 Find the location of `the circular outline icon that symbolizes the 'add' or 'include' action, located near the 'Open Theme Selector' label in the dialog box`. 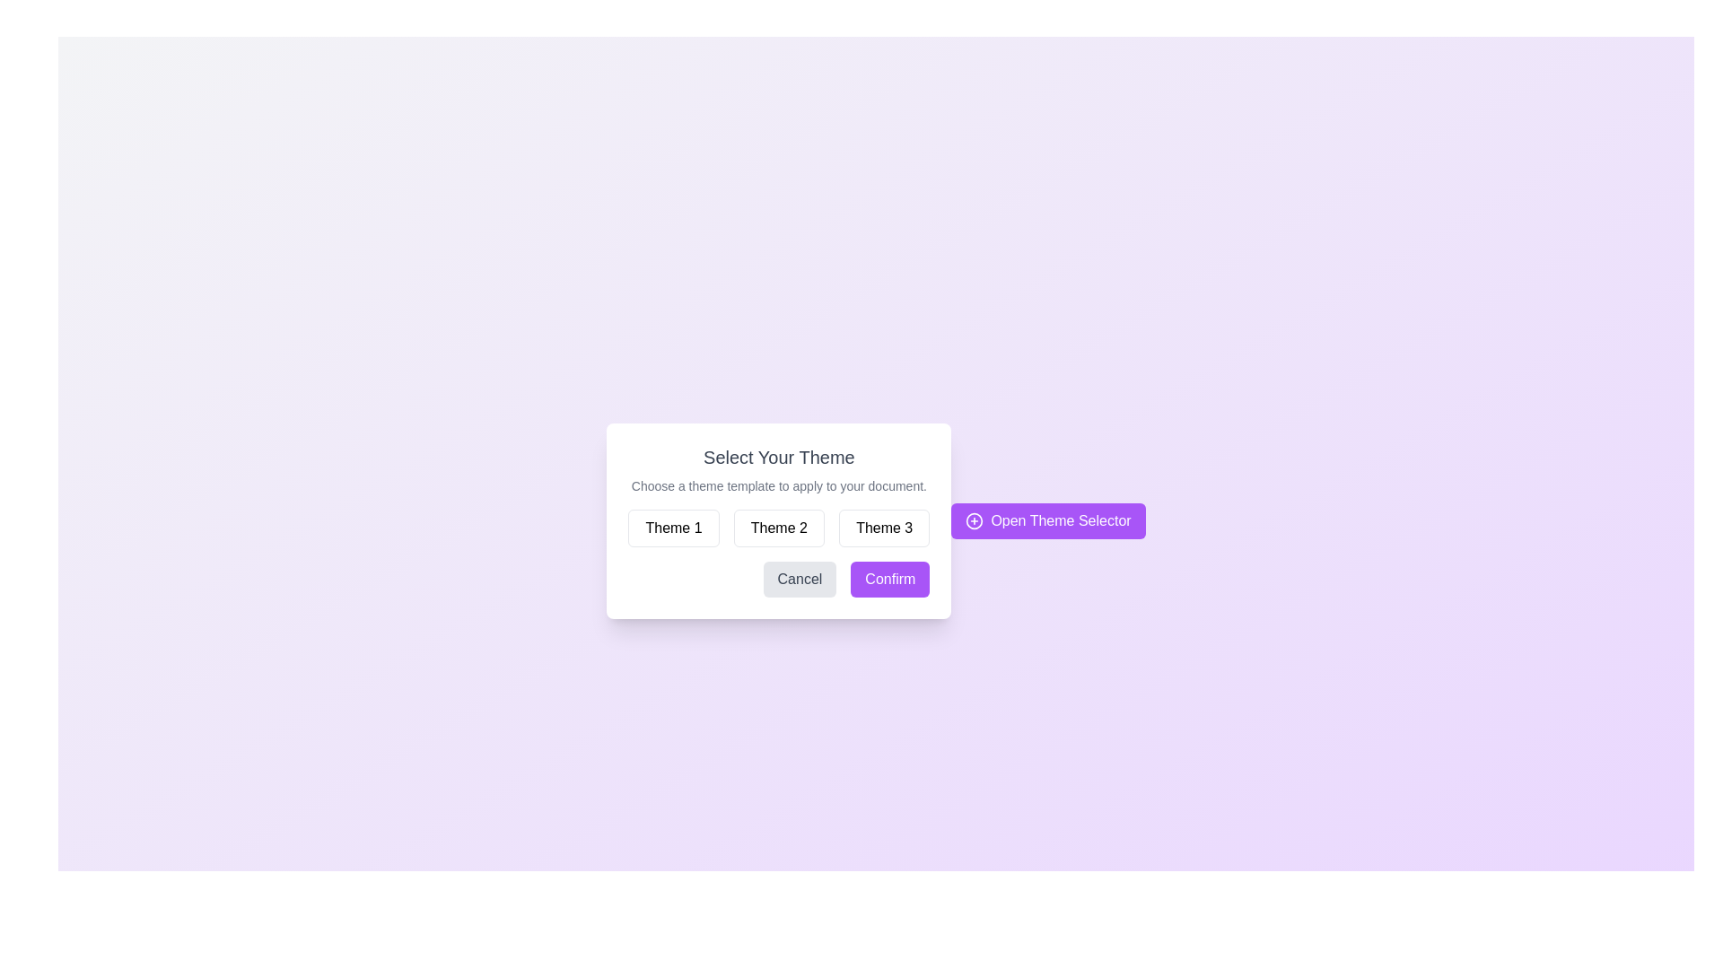

the circular outline icon that symbolizes the 'add' or 'include' action, located near the 'Open Theme Selector' label in the dialog box is located at coordinates (974, 521).